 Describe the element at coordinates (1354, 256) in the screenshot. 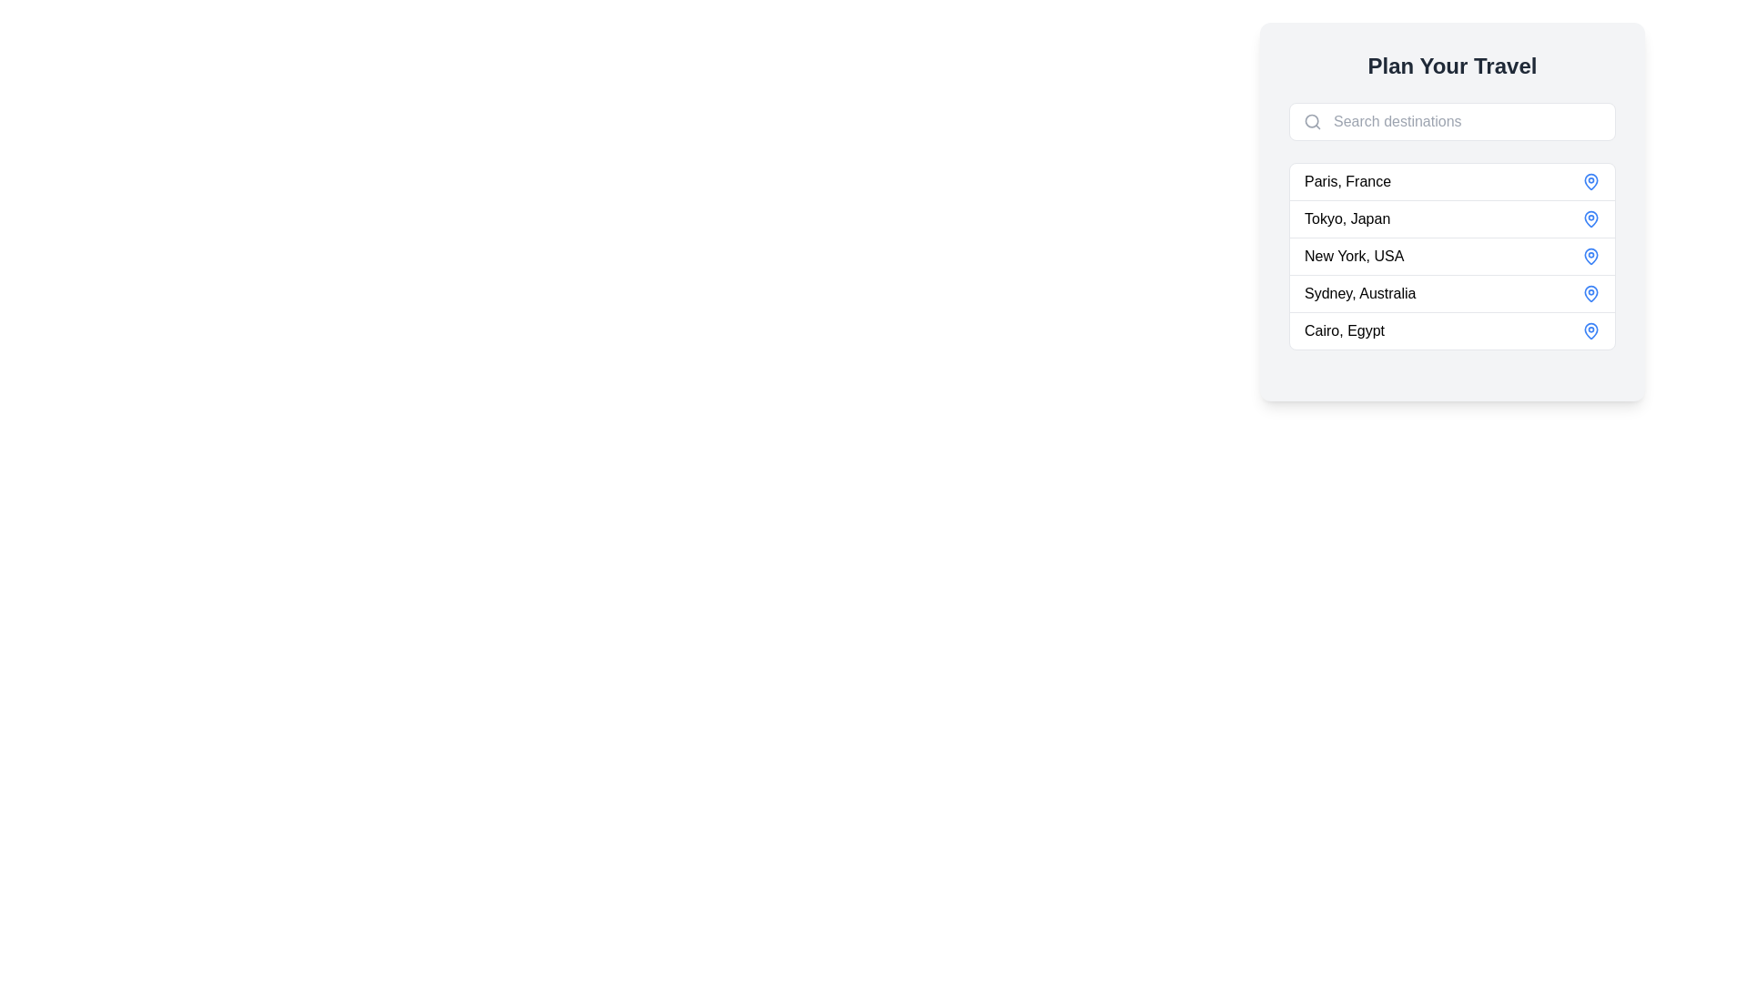

I see `the text label representing 'New York, USA' in the travel planning list, located in the third row under 'Plan Your Travel'` at that location.